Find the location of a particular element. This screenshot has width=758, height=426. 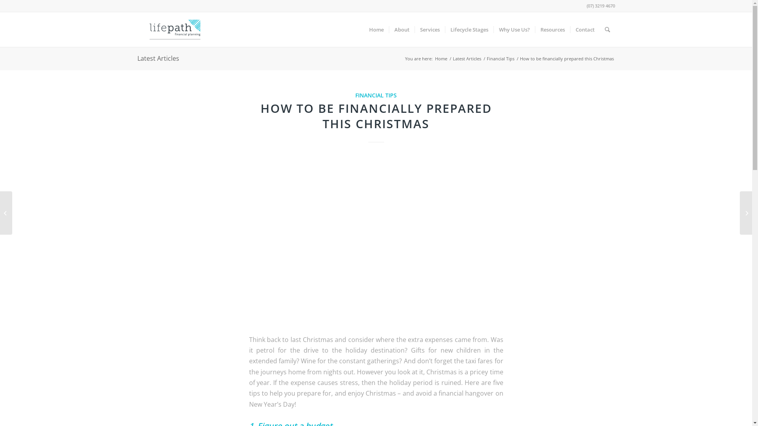

'Resources' is located at coordinates (552, 29).